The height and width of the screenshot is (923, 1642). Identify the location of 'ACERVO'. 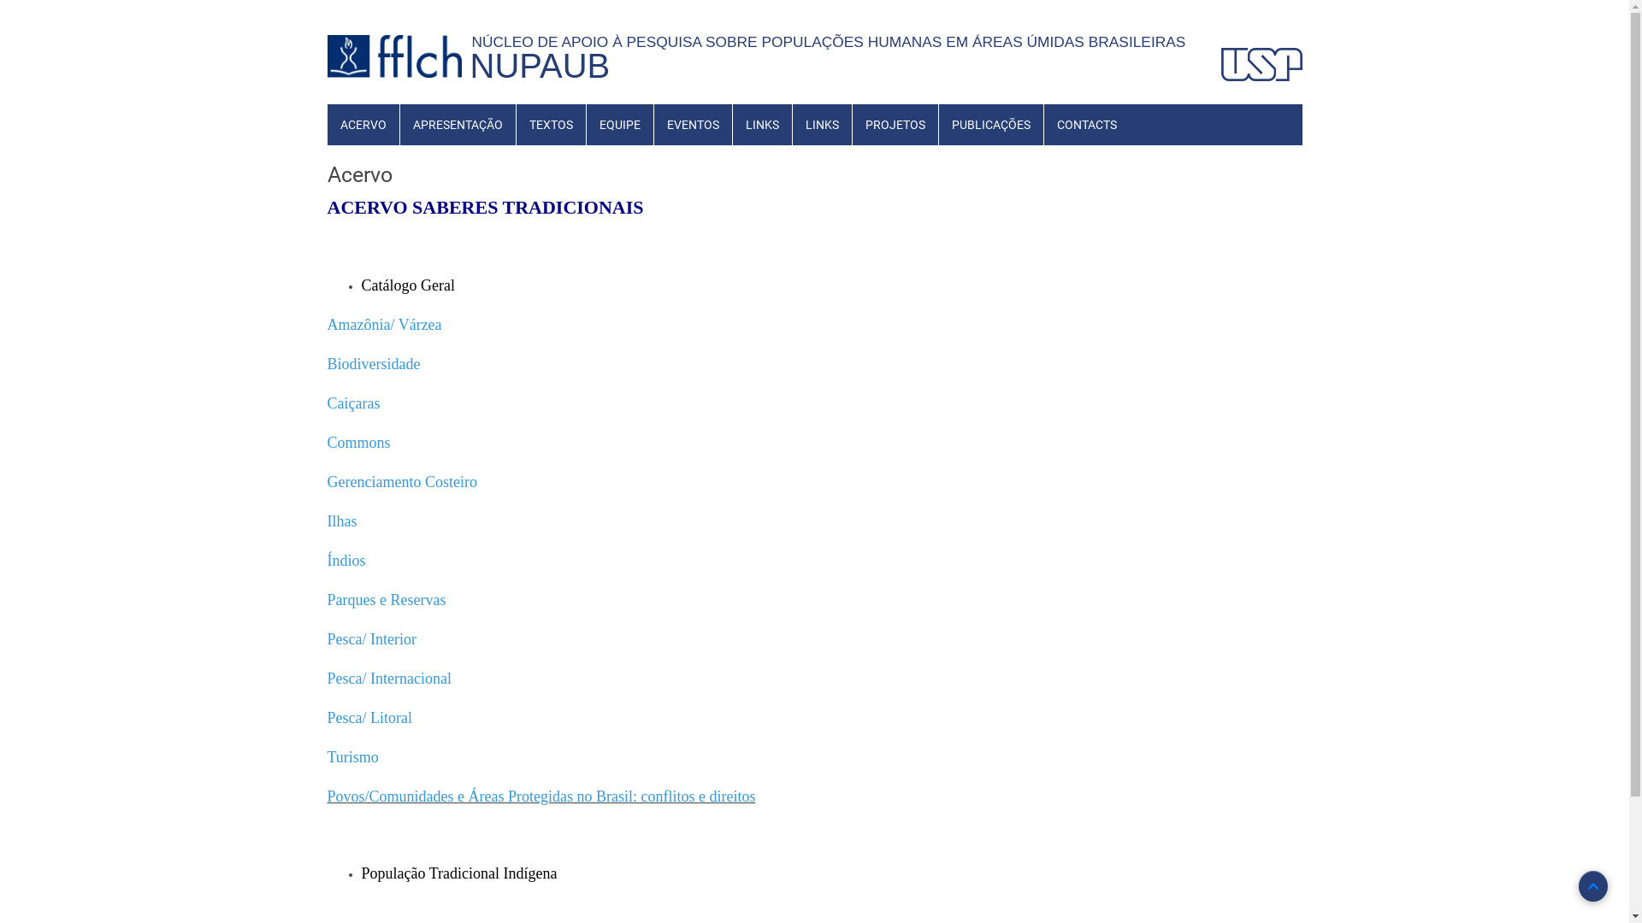
(361, 124).